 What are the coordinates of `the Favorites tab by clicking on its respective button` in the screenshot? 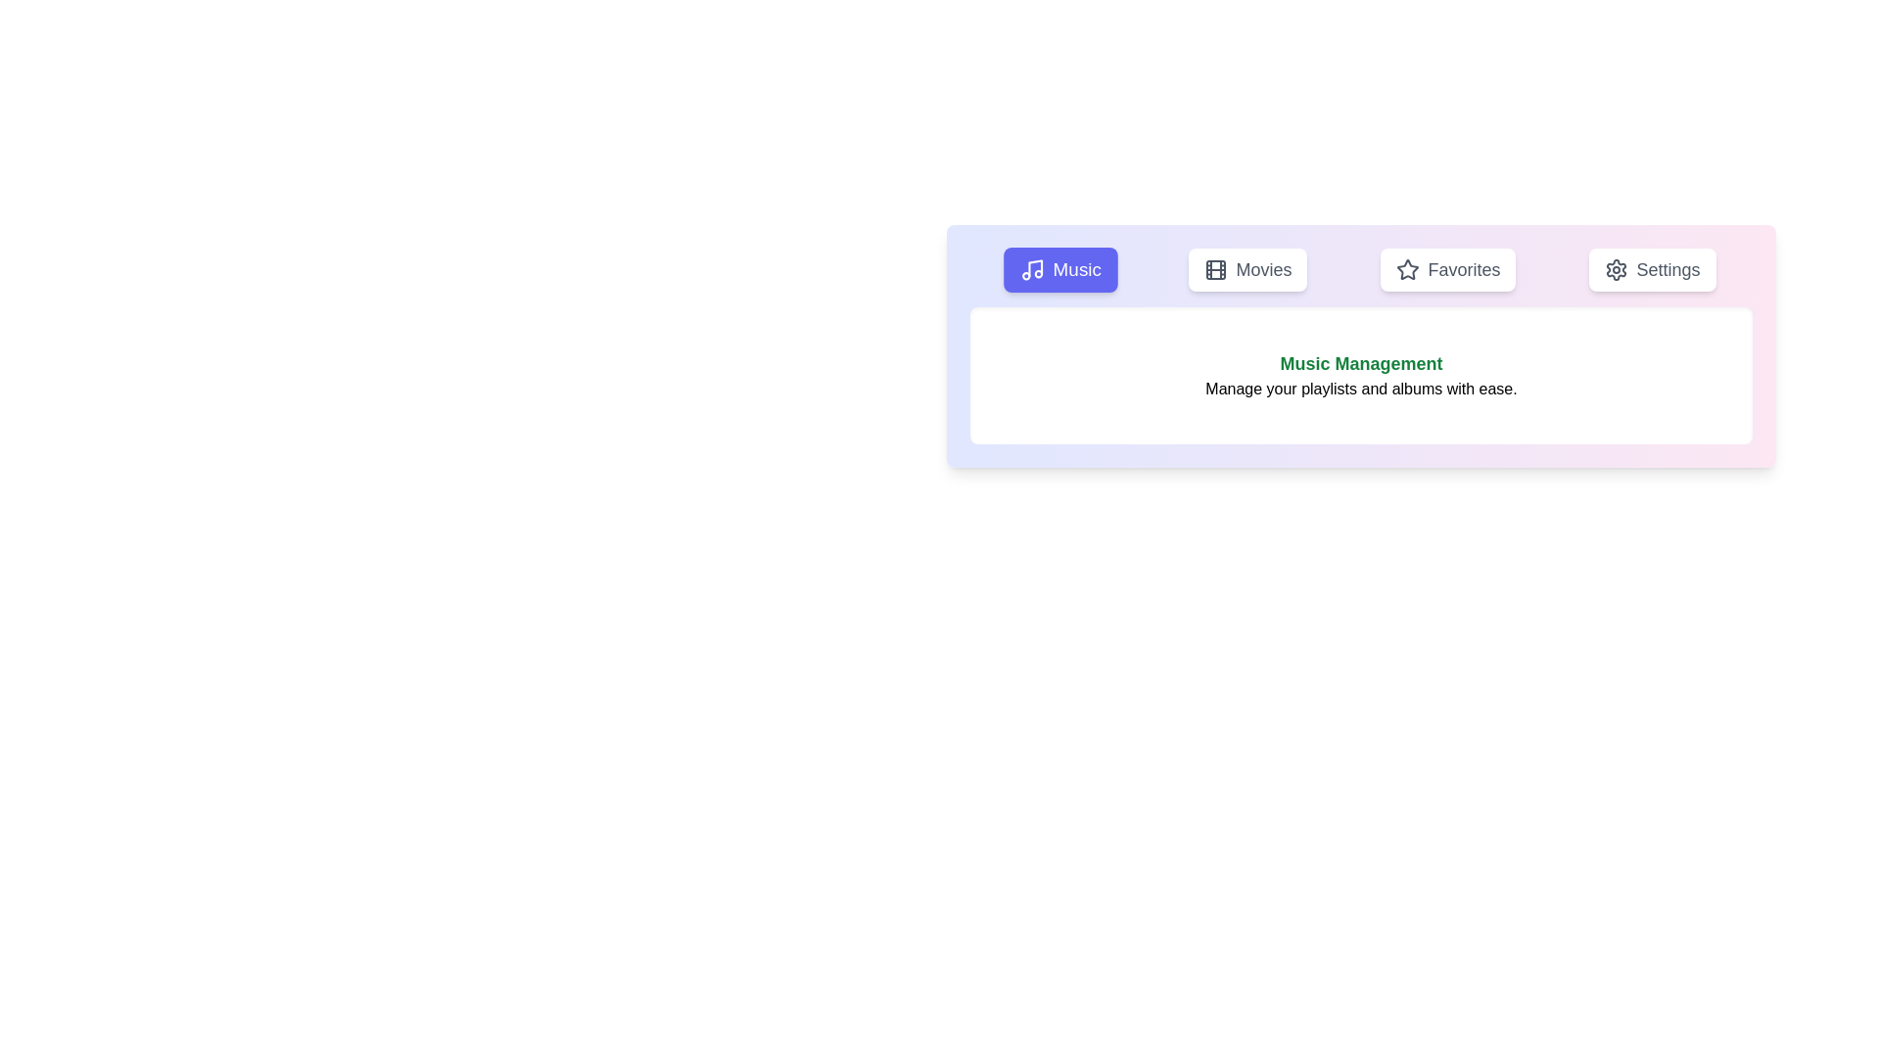 It's located at (1448, 270).